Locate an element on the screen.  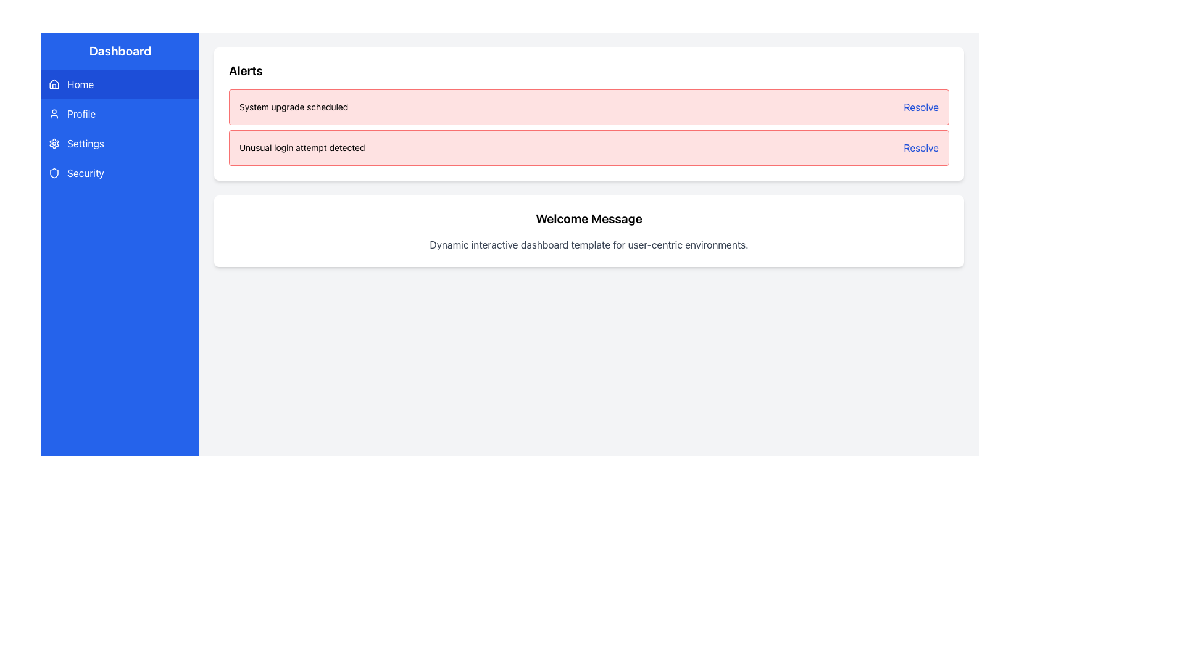
the settings icon represented by a gear symbol located in the vertical navigation bar on the left side of the interface is located at coordinates (53, 142).